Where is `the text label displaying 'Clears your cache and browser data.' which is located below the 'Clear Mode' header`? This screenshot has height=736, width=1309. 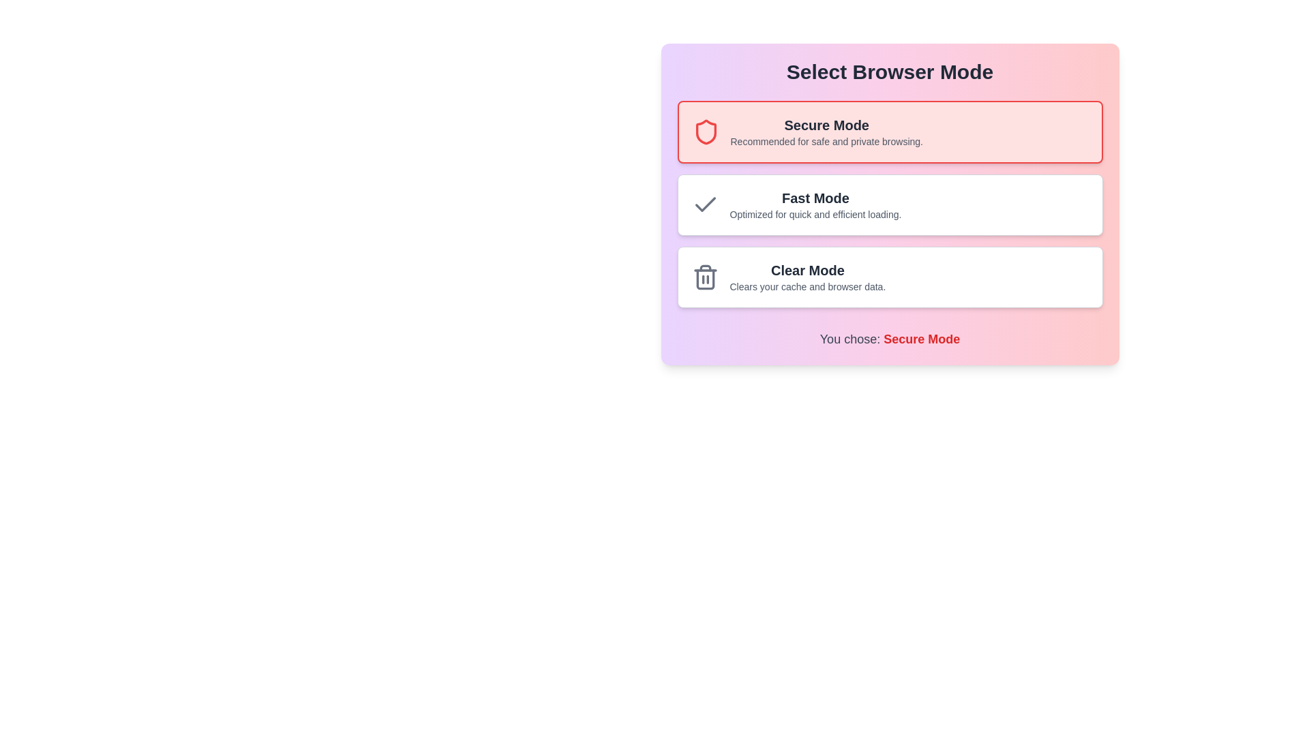 the text label displaying 'Clears your cache and browser data.' which is located below the 'Clear Mode' header is located at coordinates (807, 286).